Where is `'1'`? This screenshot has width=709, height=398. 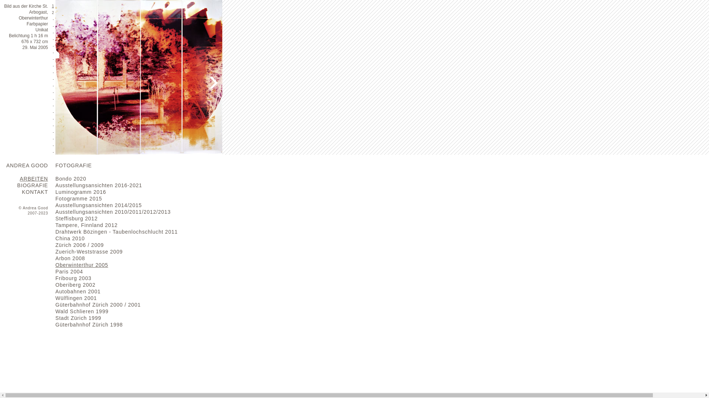 '1' is located at coordinates (52, 6).